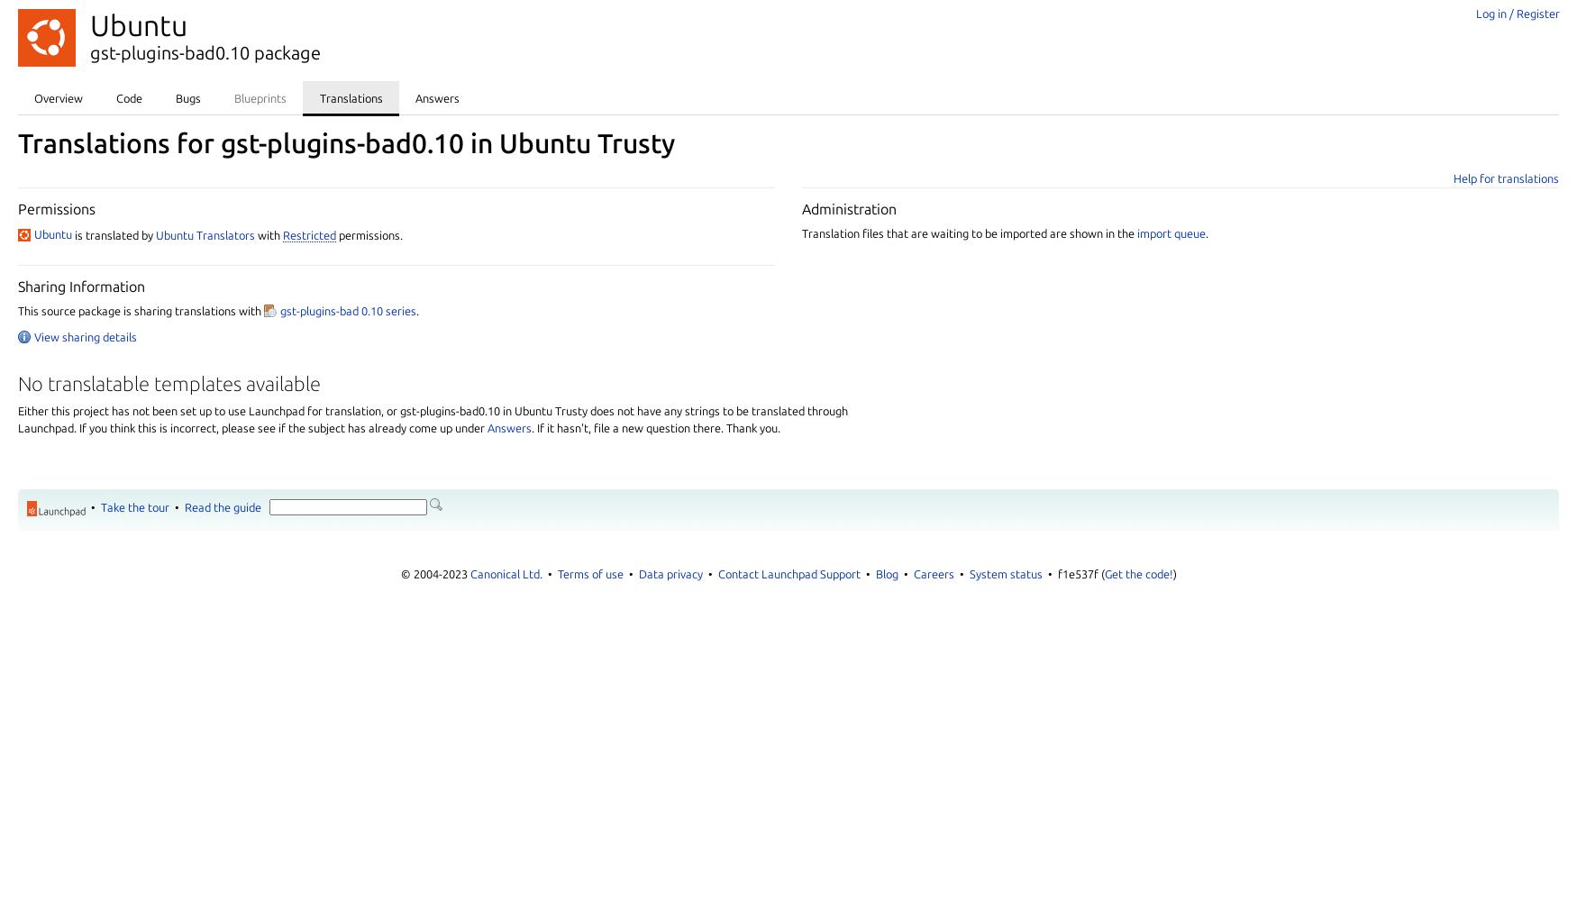 This screenshot has width=1577, height=901. Describe the element at coordinates (656, 427) in the screenshot. I see `'.
      If it hasn't, file a new question there.  Thank you.'` at that location.